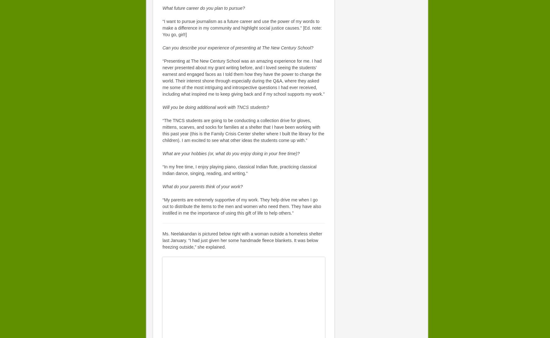 The width and height of the screenshot is (550, 338). What do you see at coordinates (239, 170) in the screenshot?
I see `'“In my free time, I enjoy playing piano, classical Indian flute, practicing classical Indian dance, singing, reading, and writing.”'` at bounding box center [239, 170].